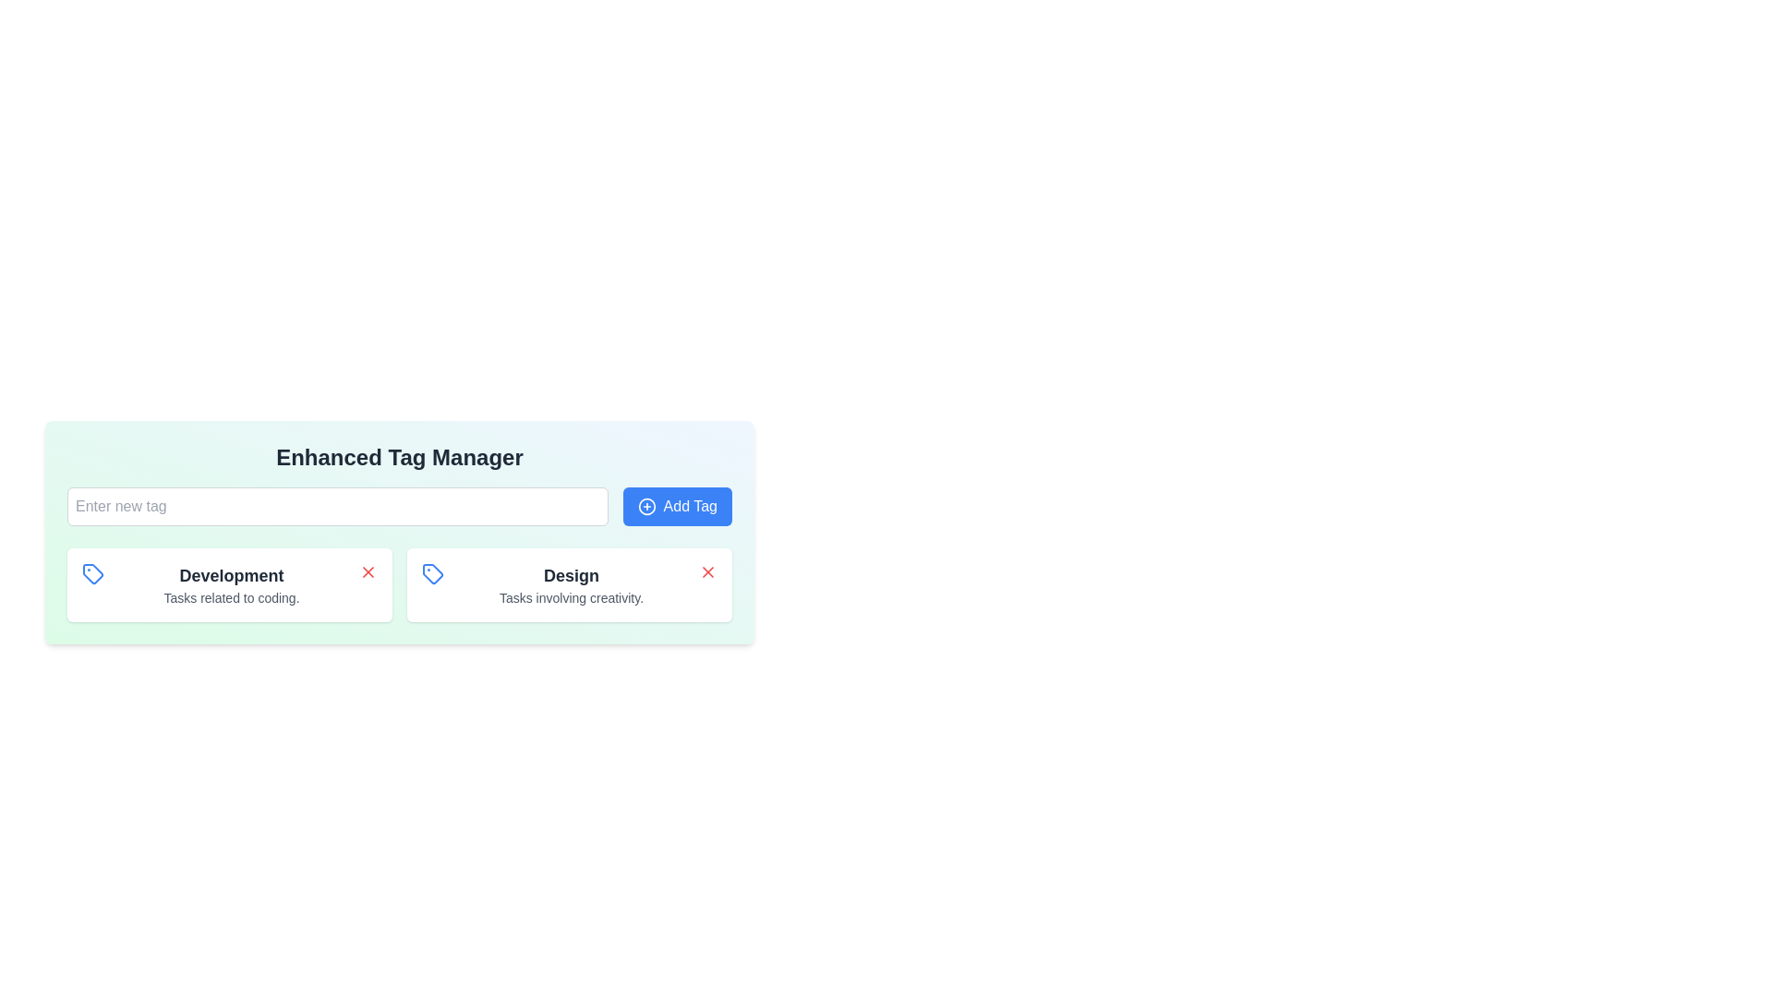 The height and width of the screenshot is (997, 1773). Describe the element at coordinates (368, 571) in the screenshot. I see `the delete button located in the top right corner of the card interface` at that location.